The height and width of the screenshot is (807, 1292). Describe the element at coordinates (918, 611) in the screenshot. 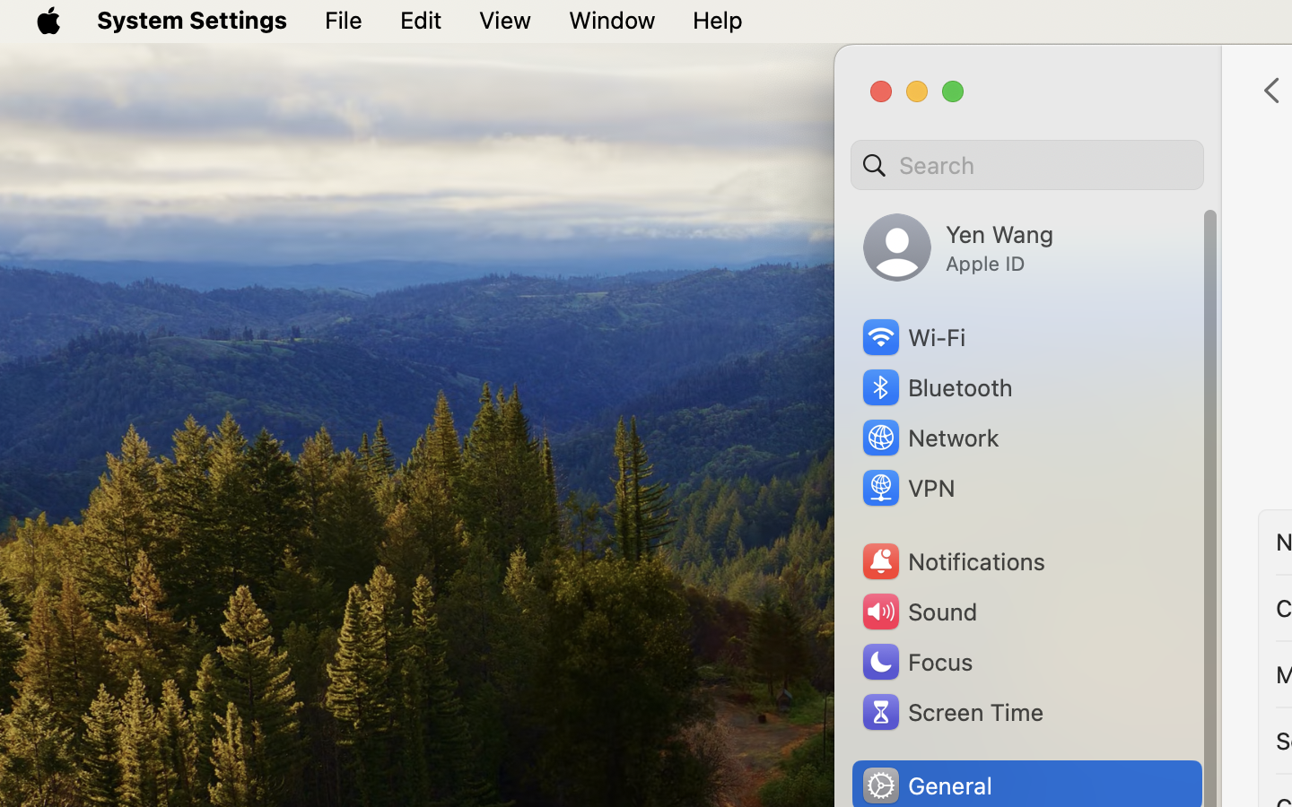

I see `'Sound'` at that location.